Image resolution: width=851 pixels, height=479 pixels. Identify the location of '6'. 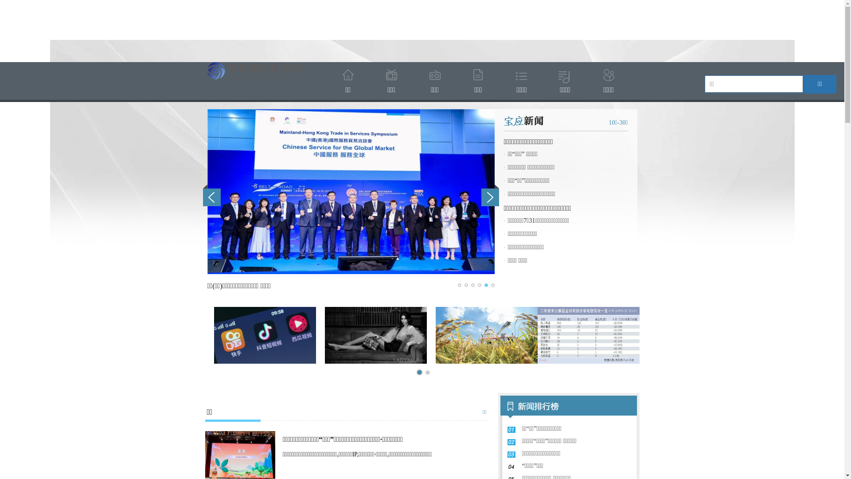
(492, 285).